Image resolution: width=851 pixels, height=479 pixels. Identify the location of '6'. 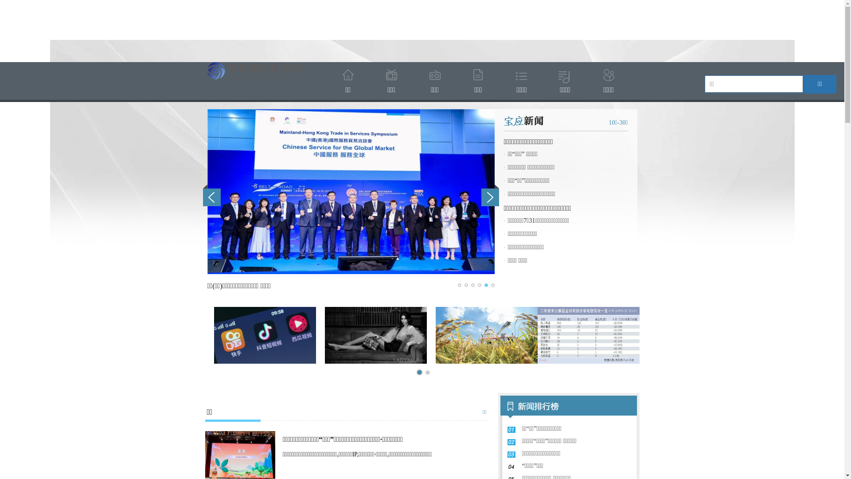
(492, 285).